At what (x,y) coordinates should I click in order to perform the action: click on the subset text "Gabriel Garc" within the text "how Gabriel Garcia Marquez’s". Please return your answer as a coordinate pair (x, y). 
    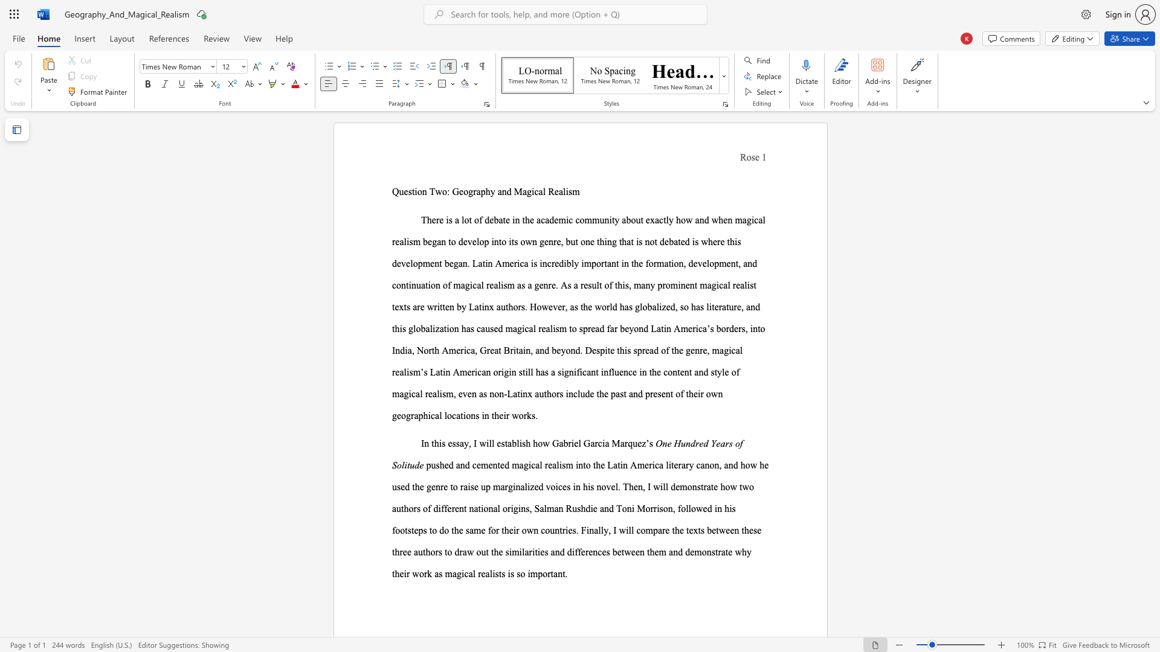
    Looking at the image, I should click on (551, 443).